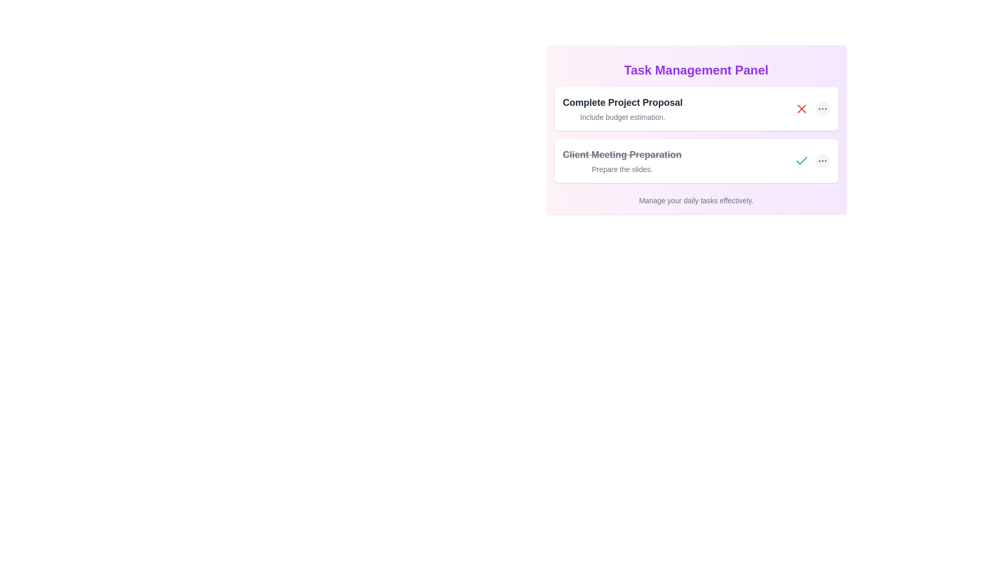  I want to click on the text label displaying 'Manage your daily tasks effectively.' located at the bottom-center of the Task Management Panel, so click(696, 201).